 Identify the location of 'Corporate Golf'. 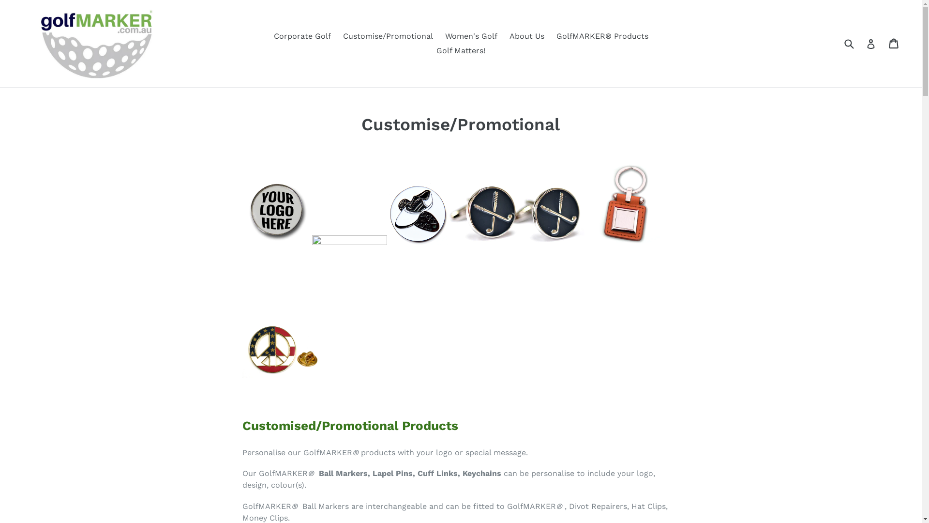
(301, 35).